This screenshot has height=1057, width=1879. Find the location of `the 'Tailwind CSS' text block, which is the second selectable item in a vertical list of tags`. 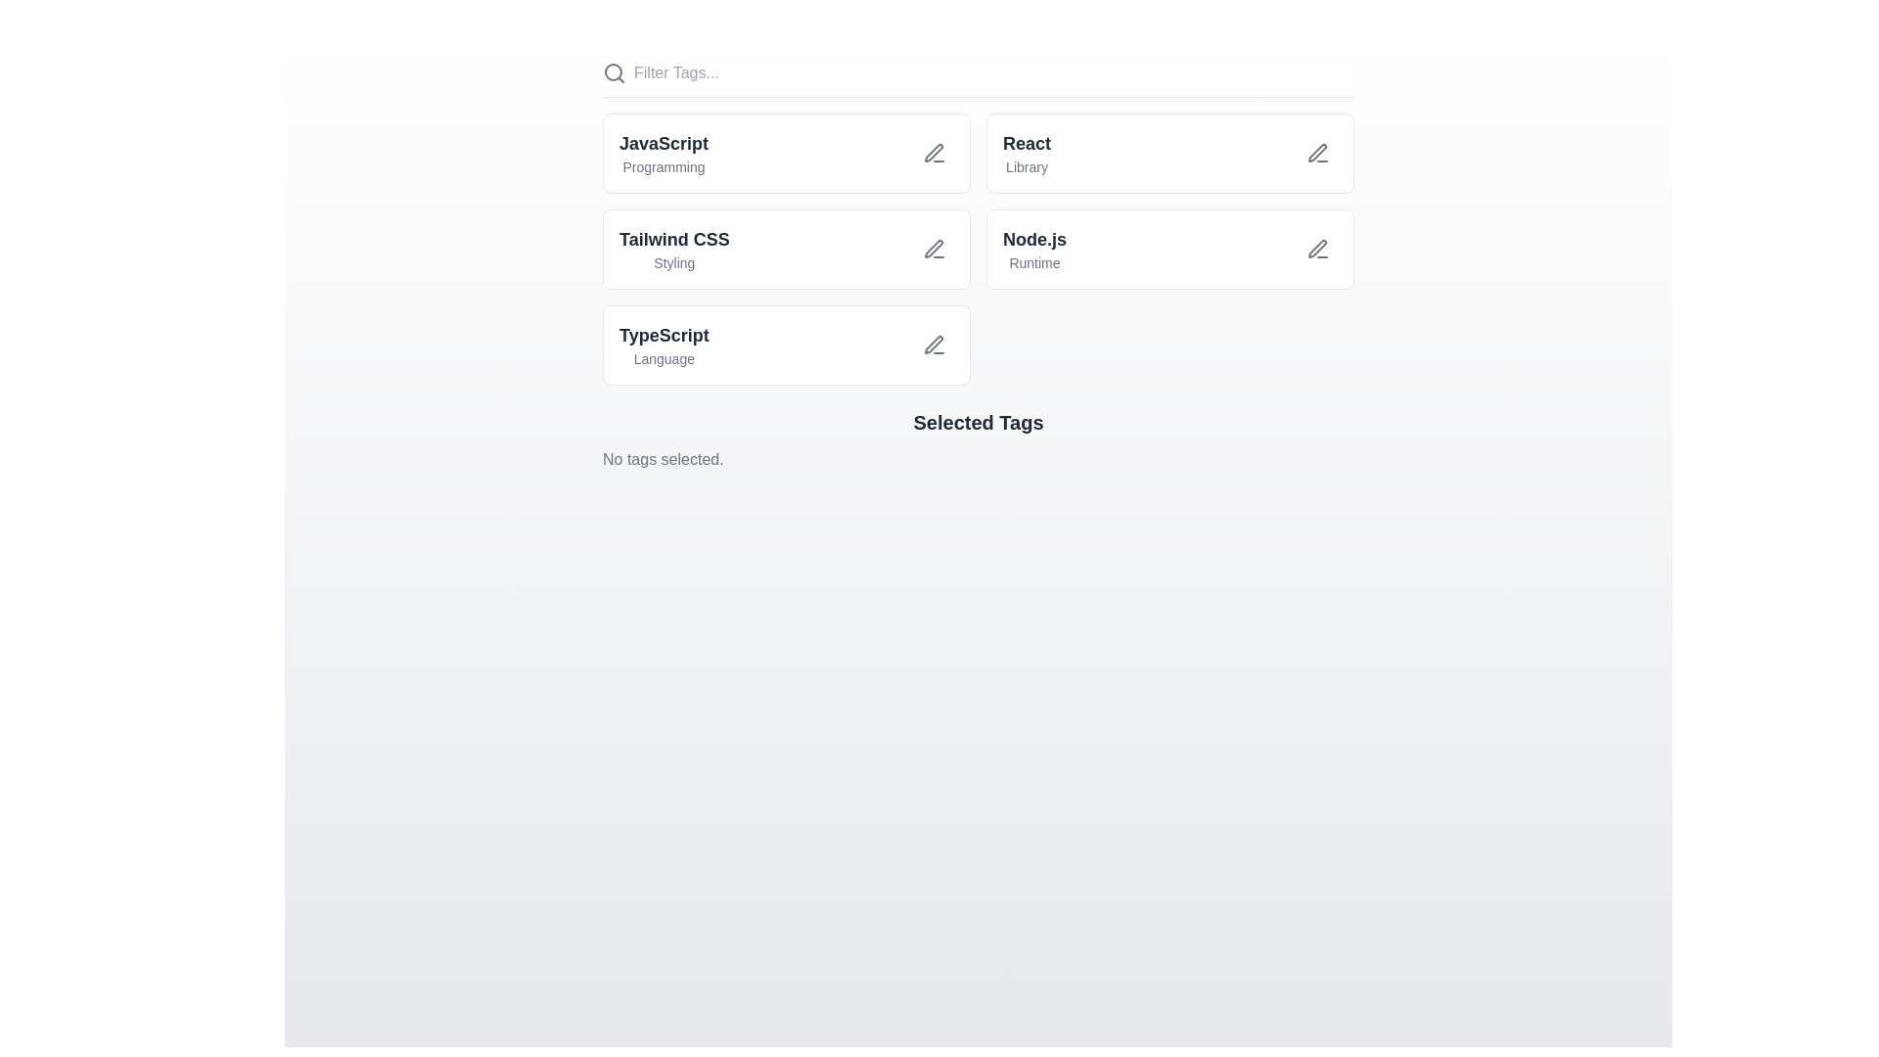

the 'Tailwind CSS' text block, which is the second selectable item in a vertical list of tags is located at coordinates (674, 248).